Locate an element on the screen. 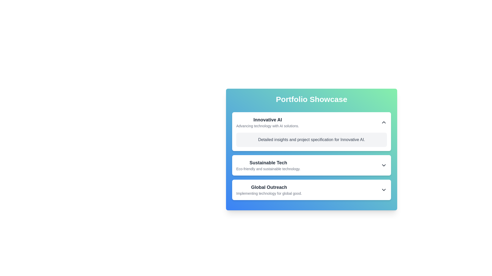 The width and height of the screenshot is (492, 276). the list item titled 'Sustainable Tech' is located at coordinates (311, 165).